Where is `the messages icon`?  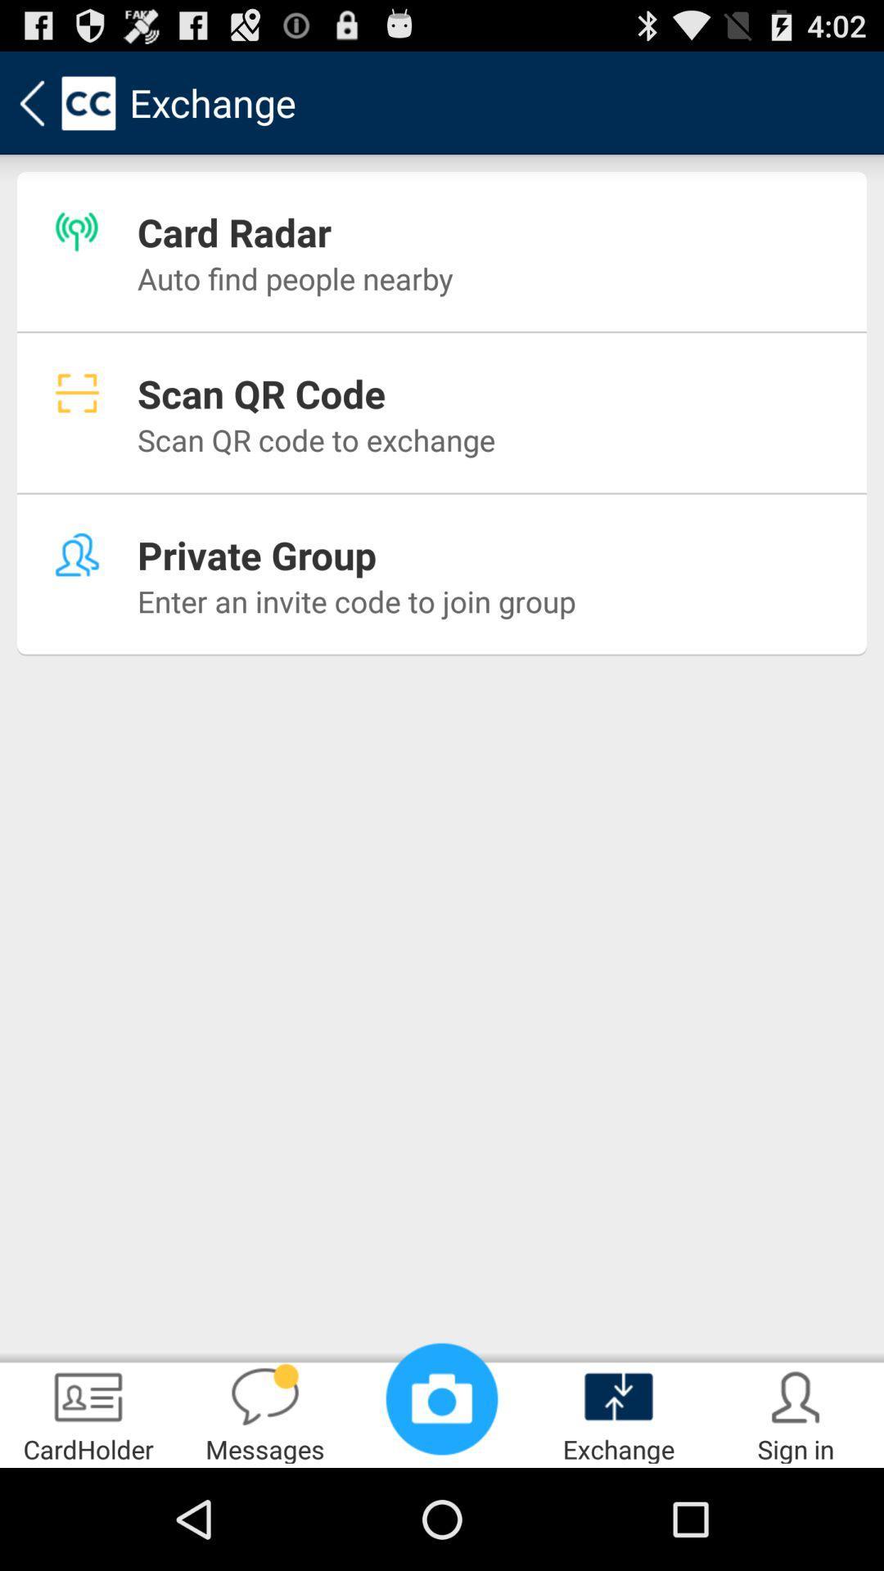
the messages icon is located at coordinates (264, 1412).